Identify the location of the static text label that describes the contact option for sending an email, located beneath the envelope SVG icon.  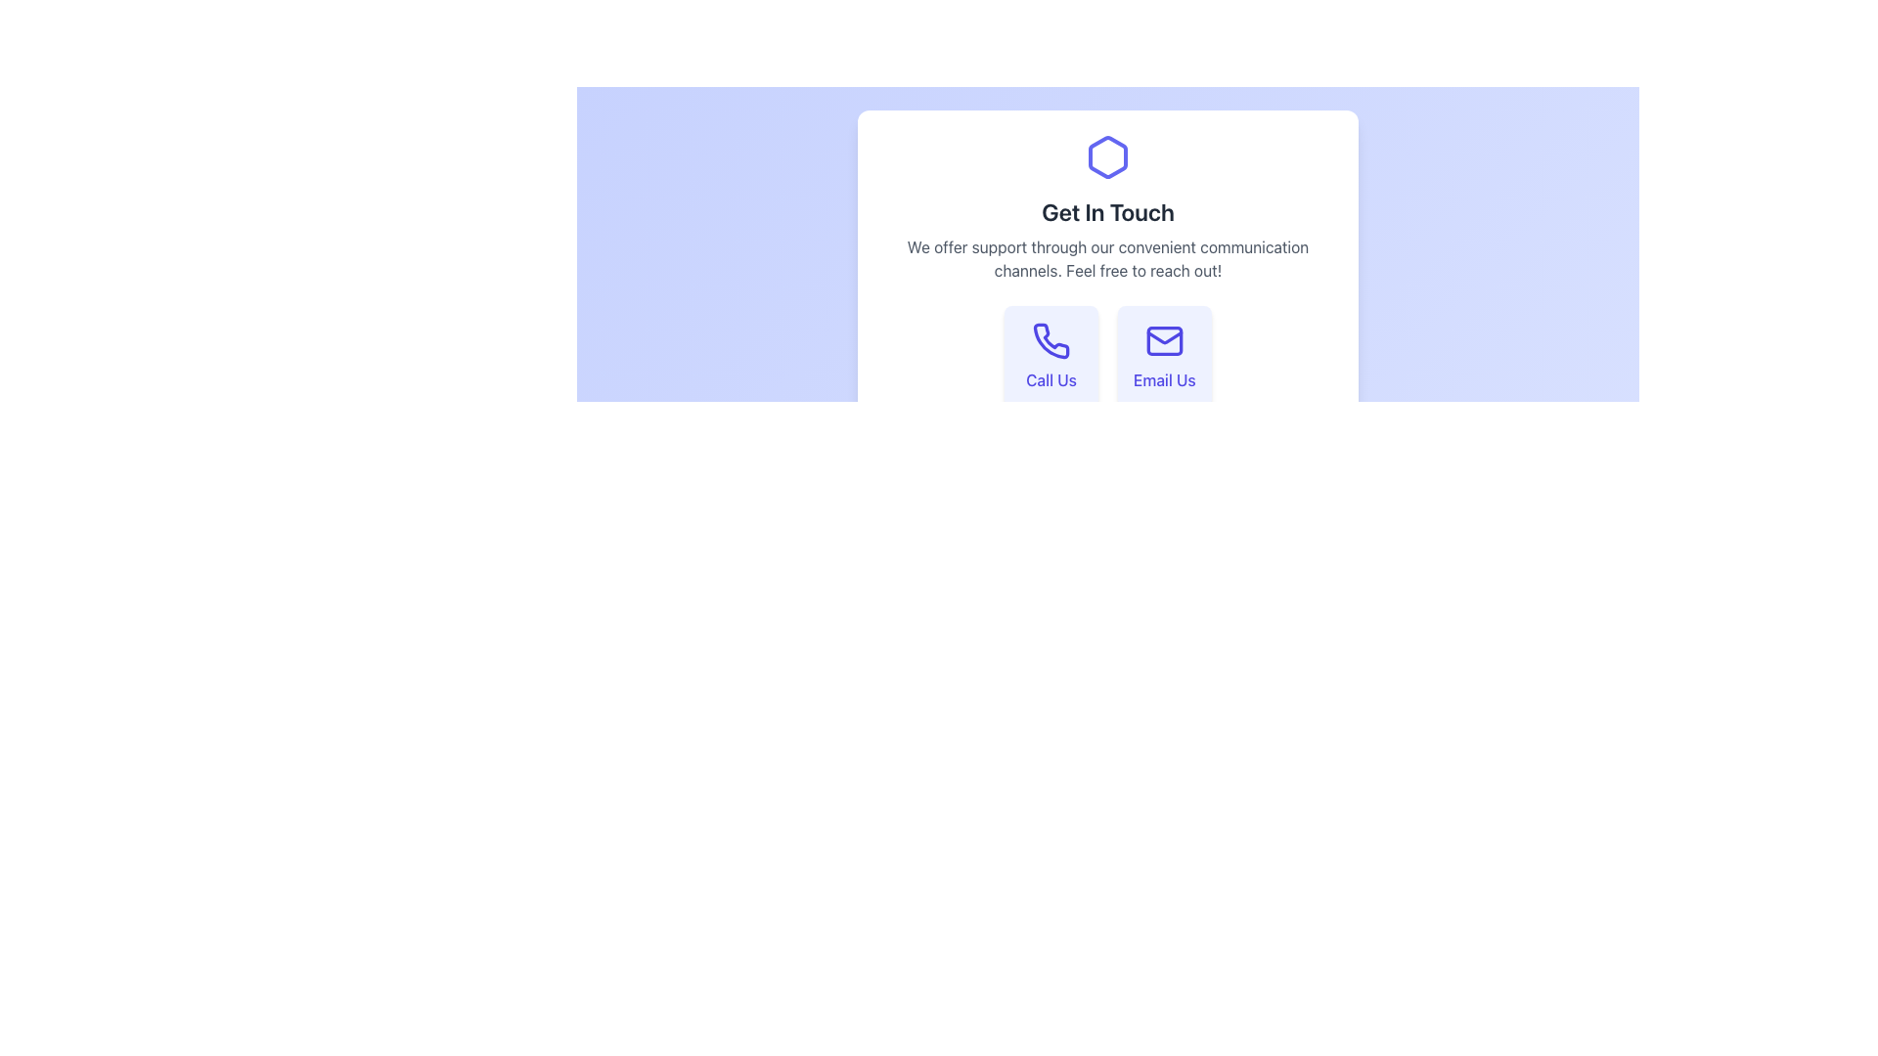
(1164, 380).